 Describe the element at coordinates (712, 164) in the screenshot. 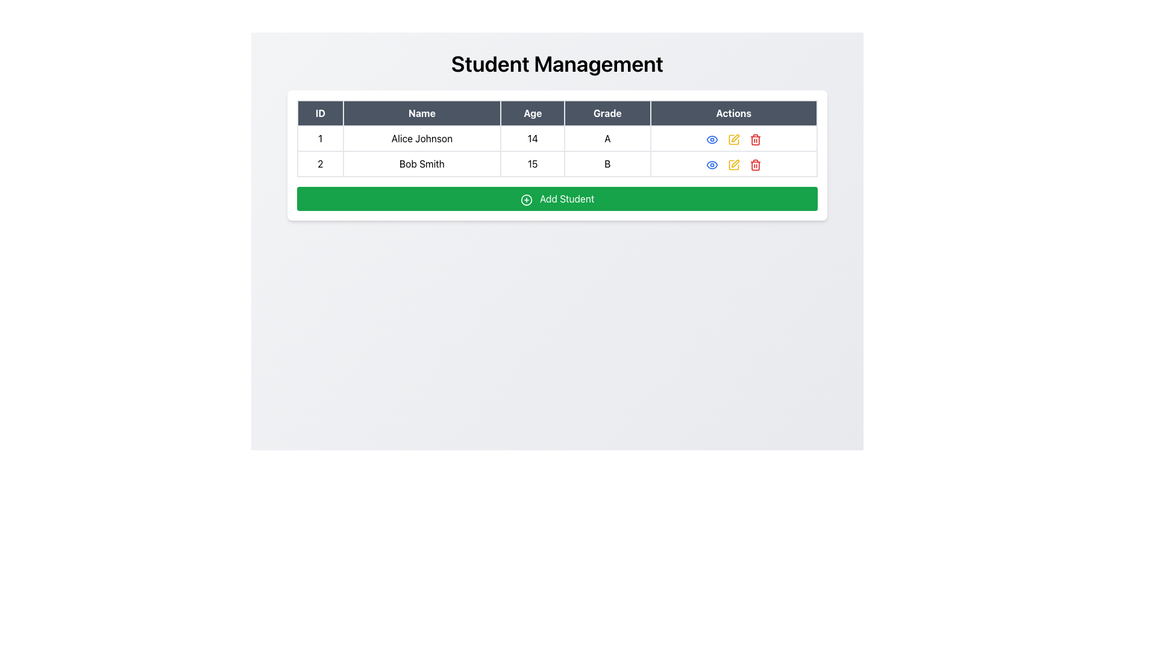

I see `the eye icon button in the Actions column for the student Bob Smith` at that location.